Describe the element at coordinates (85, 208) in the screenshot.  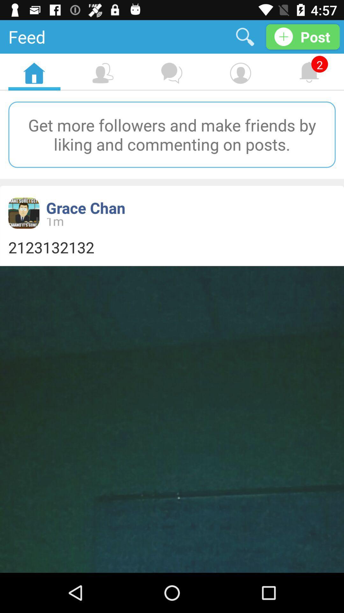
I see `the grace chan item` at that location.